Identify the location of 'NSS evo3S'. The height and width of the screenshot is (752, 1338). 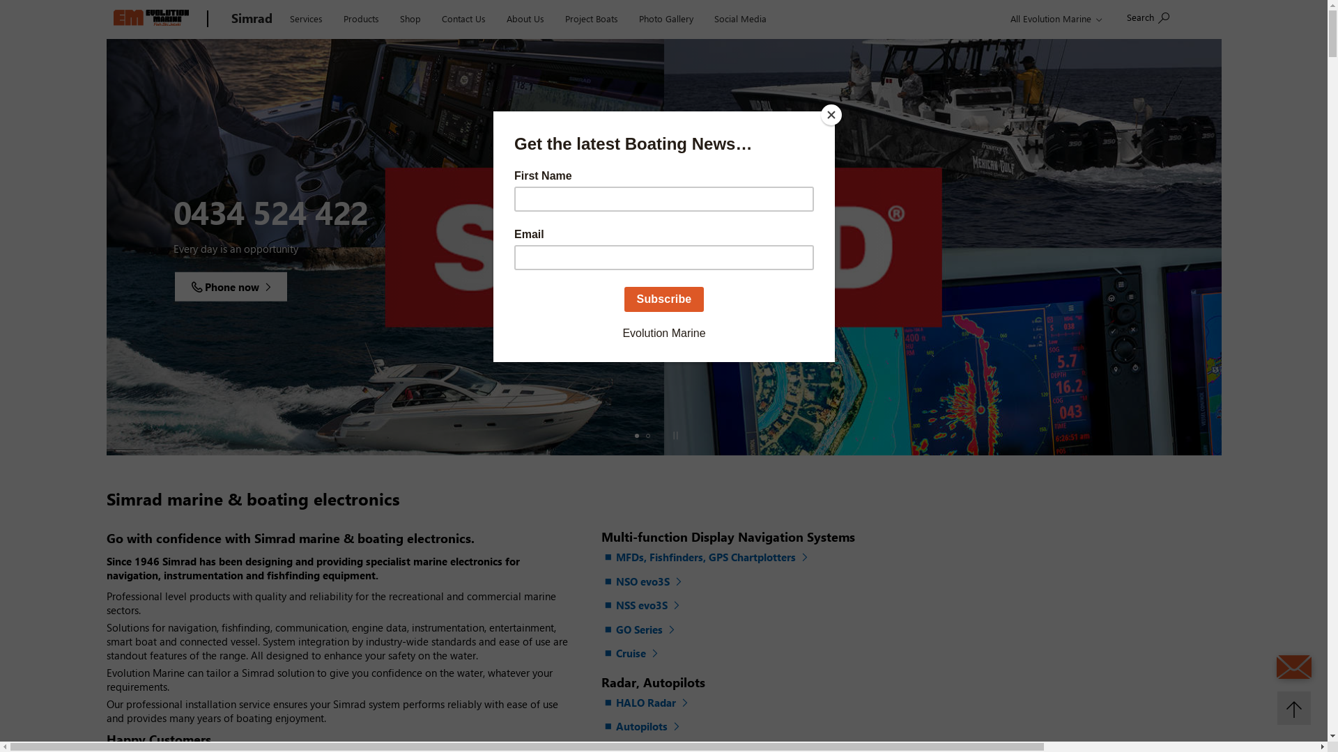
(641, 605).